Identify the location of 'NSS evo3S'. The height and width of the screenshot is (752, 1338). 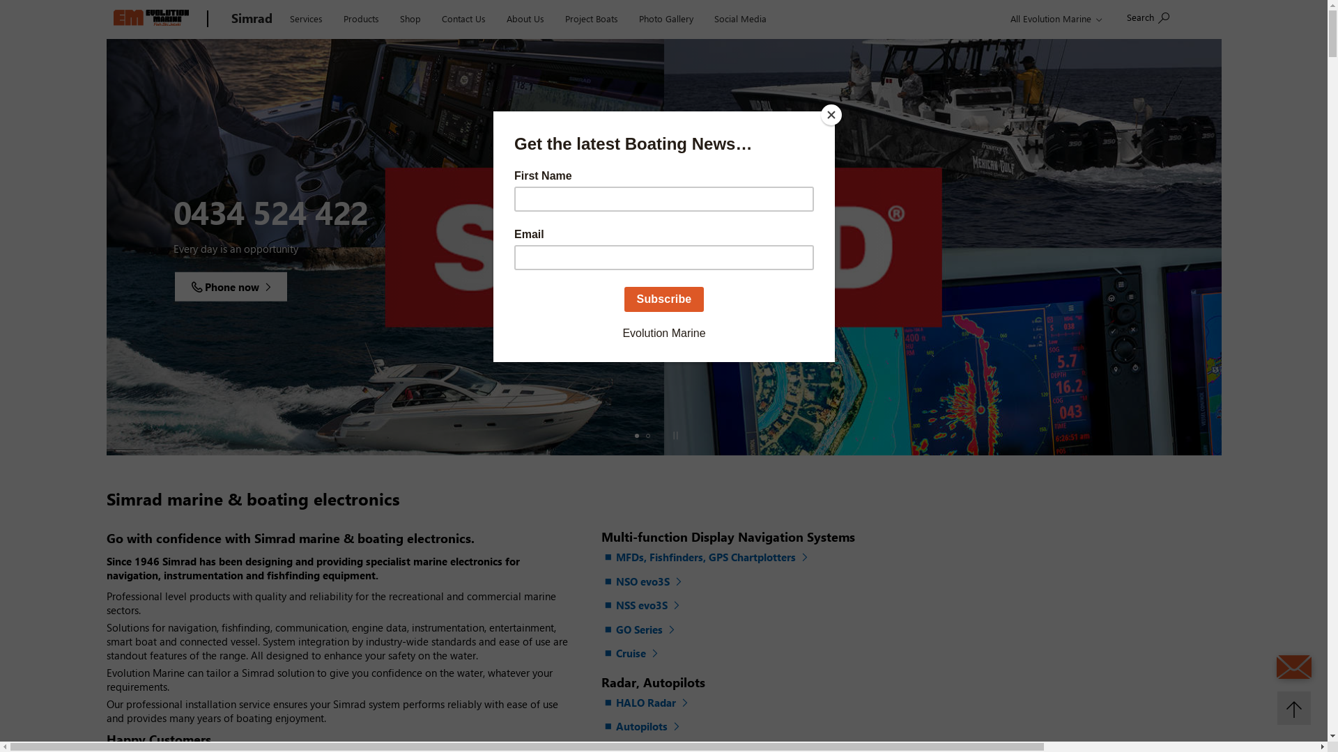
(641, 605).